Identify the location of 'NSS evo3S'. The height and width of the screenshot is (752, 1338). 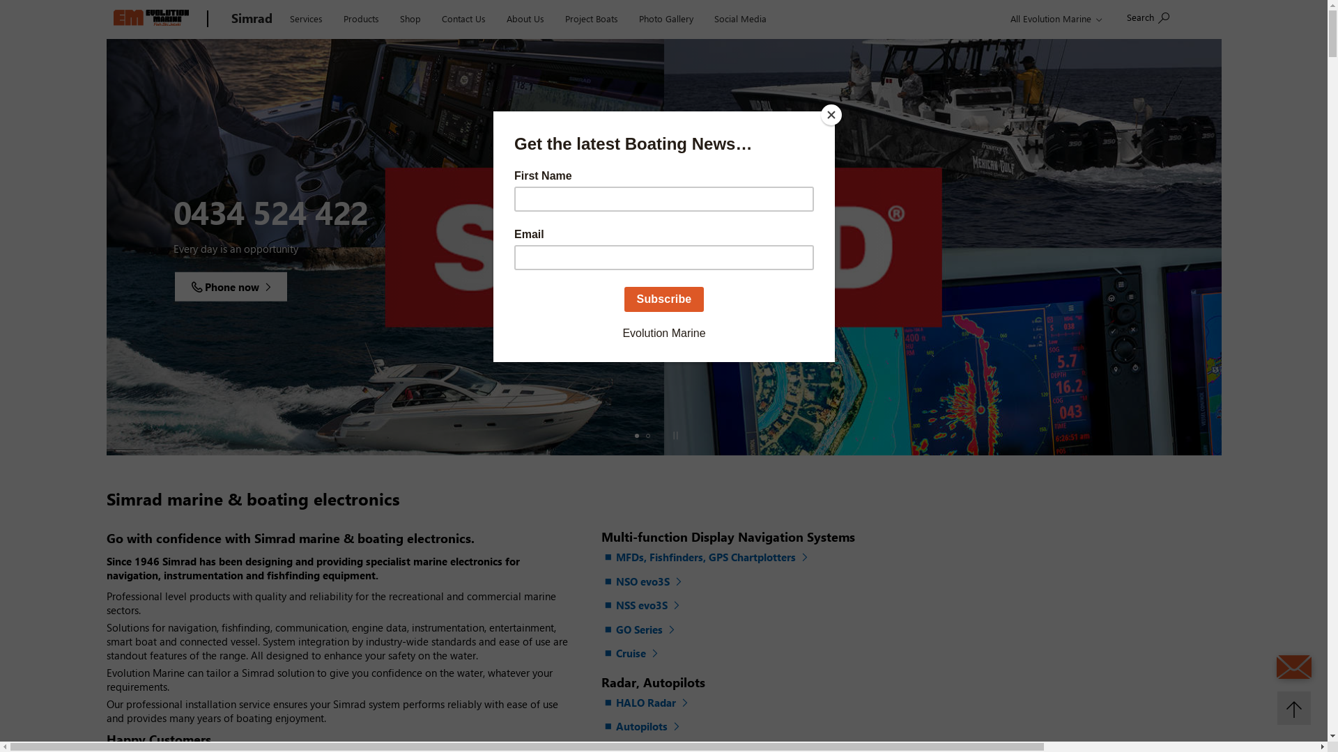
(641, 605).